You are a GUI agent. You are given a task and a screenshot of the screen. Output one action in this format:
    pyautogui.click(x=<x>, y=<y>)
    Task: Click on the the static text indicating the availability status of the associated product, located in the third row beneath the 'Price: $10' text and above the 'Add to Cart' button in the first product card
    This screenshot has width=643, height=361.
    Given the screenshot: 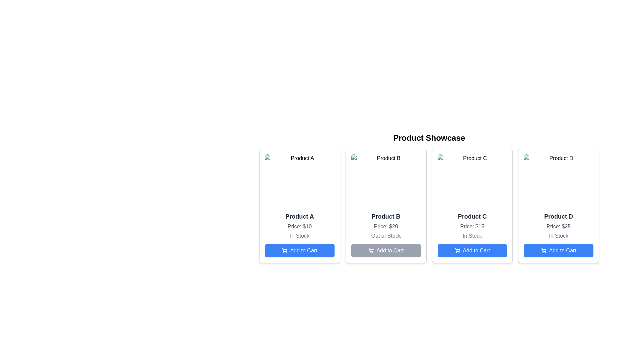 What is the action you would take?
    pyautogui.click(x=299, y=235)
    